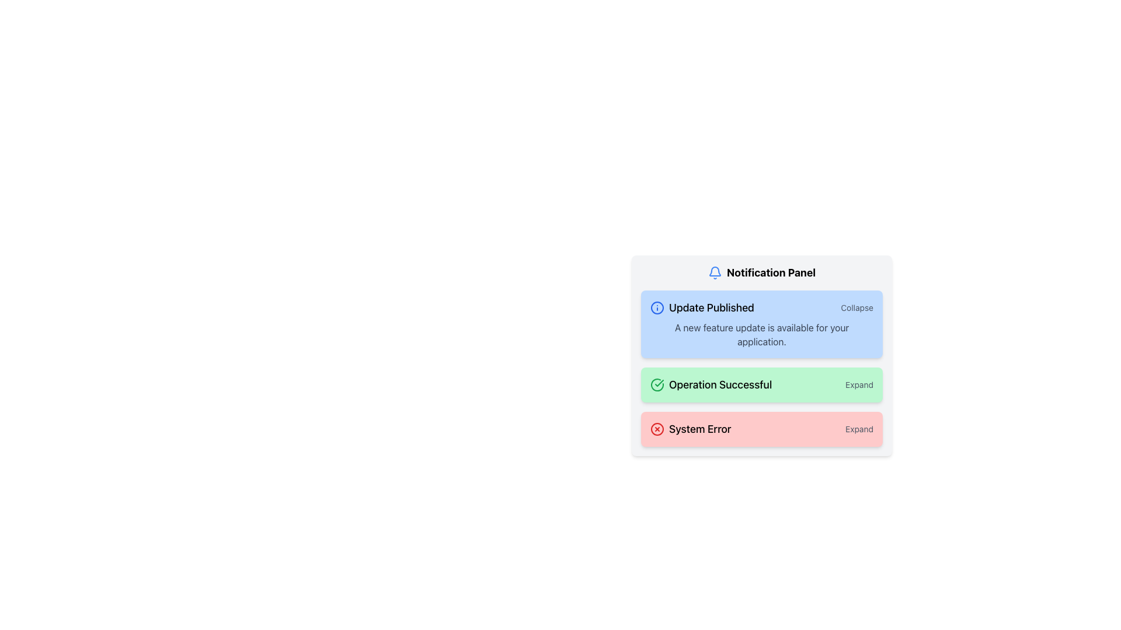  Describe the element at coordinates (657, 384) in the screenshot. I see `the green-colored notification labeled 'Operation Successful' in the 'Notification Panel'` at that location.